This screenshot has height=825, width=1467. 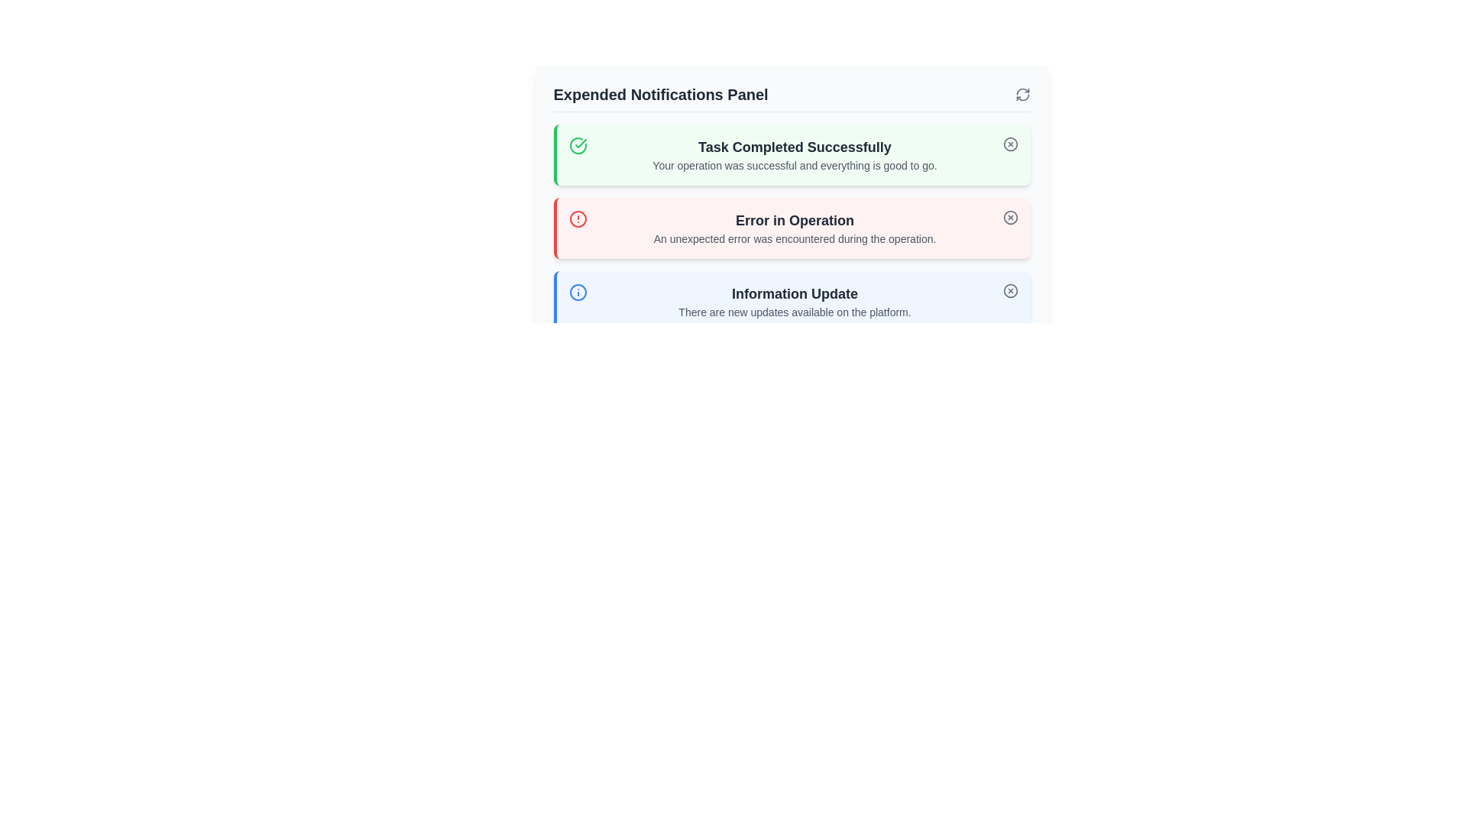 I want to click on the Notification Panel, which displays messages about recent system activities, located below the 'Expended Notifications Panel' title bar, so click(x=792, y=235).